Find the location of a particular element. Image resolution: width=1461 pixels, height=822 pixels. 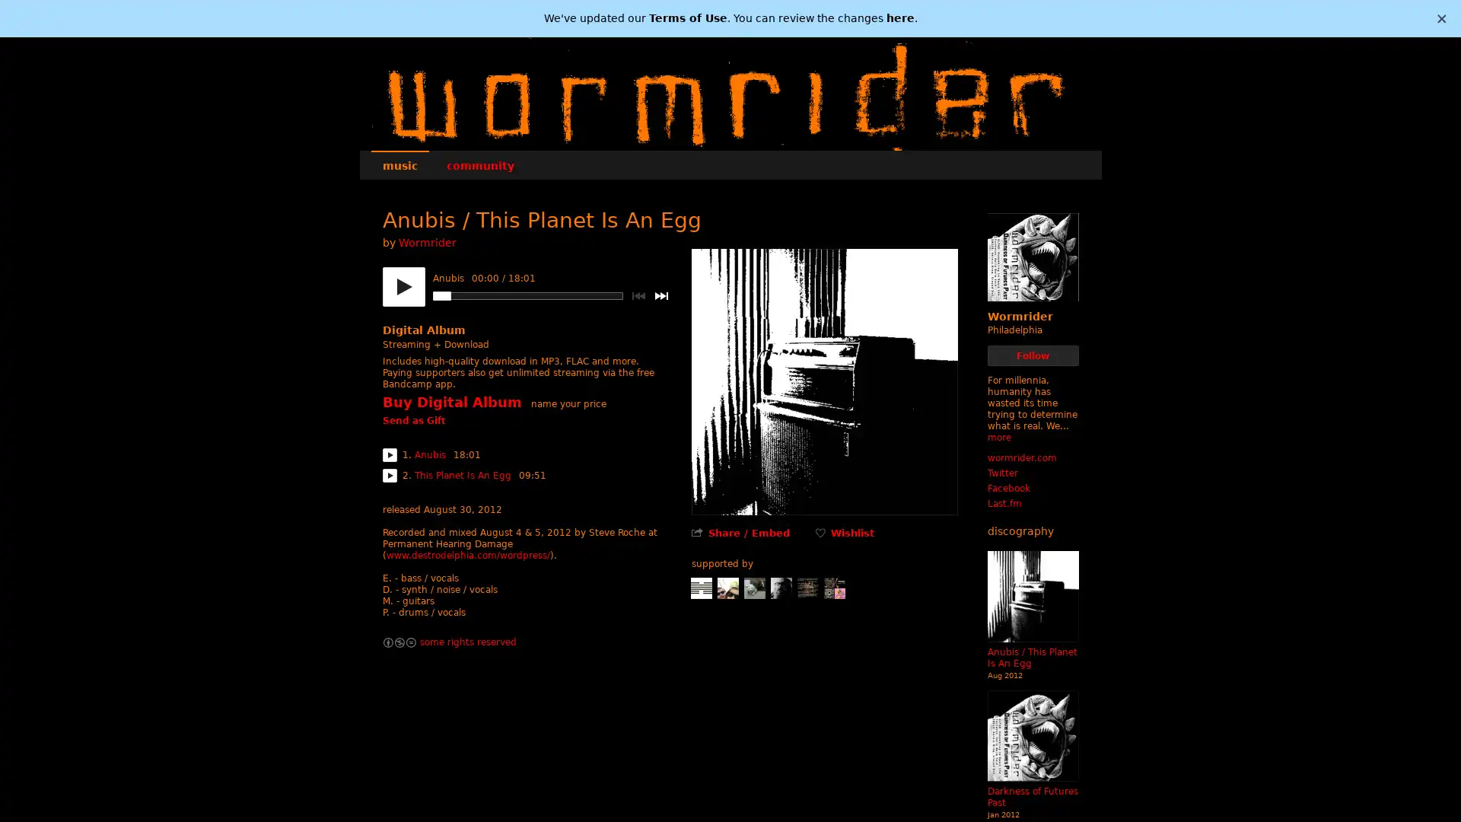

Next track is located at coordinates (660, 296).